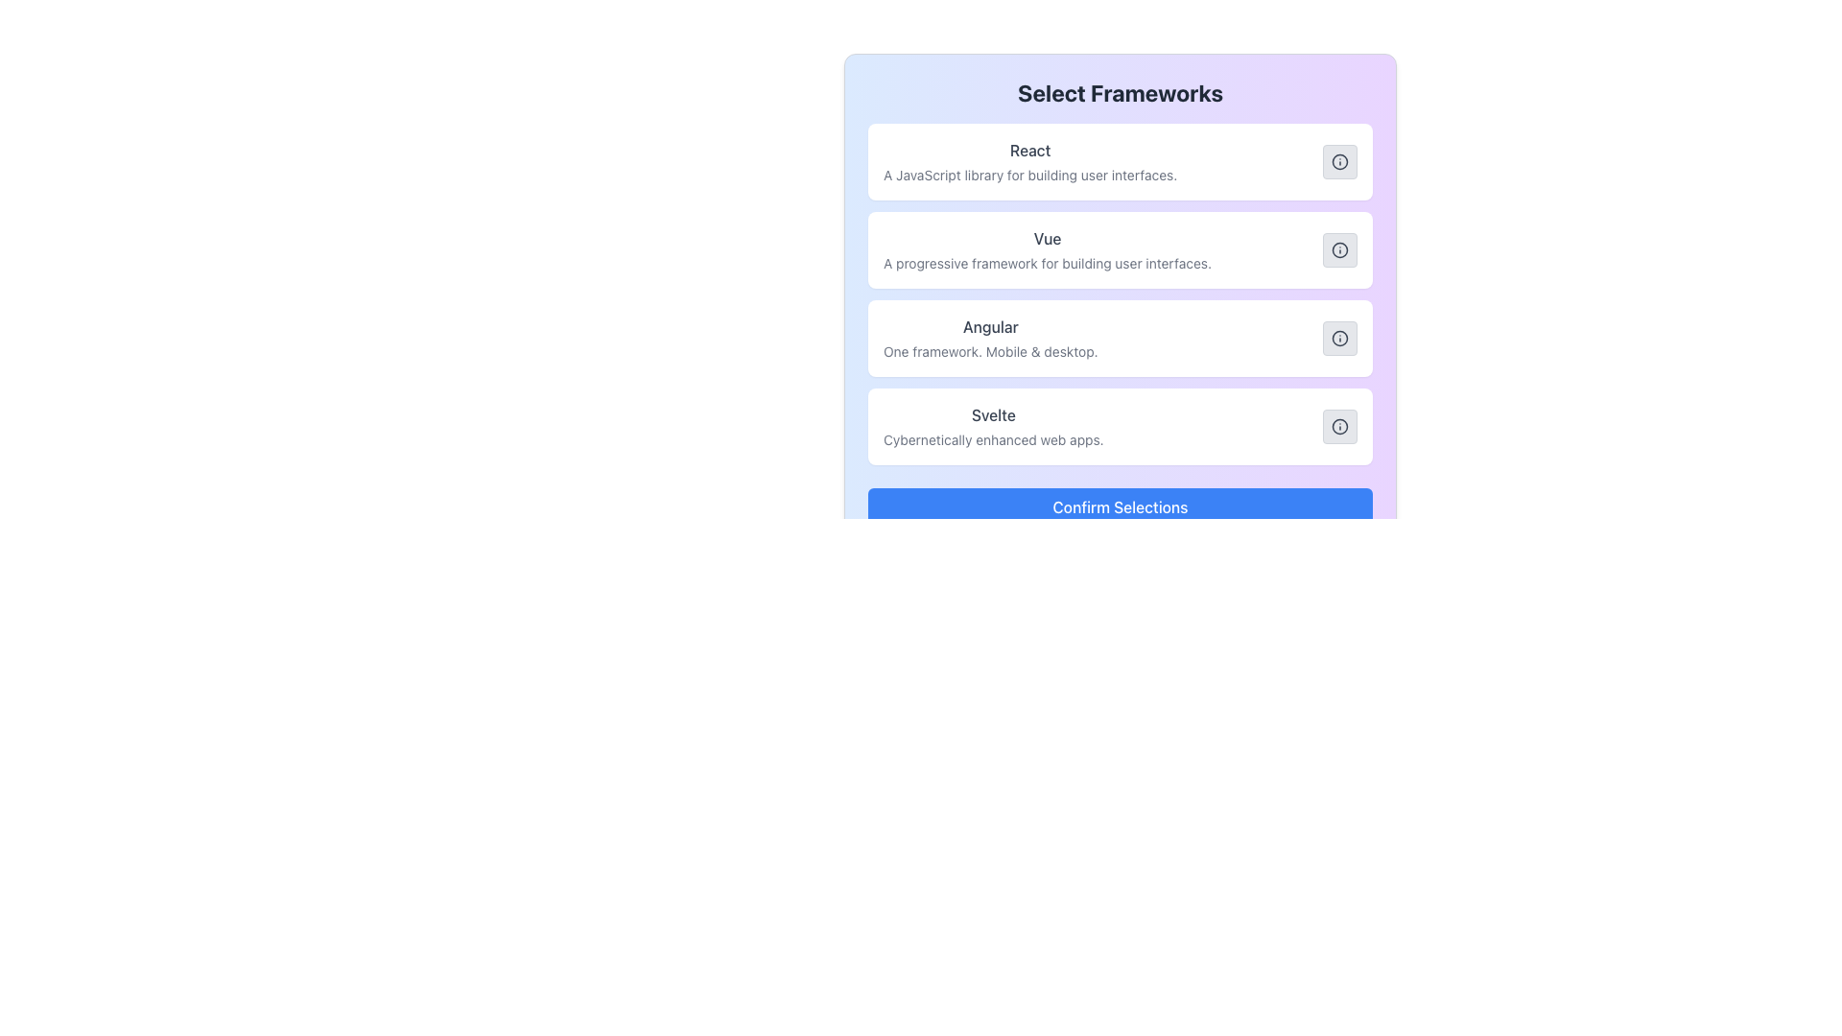 The height and width of the screenshot is (1036, 1842). I want to click on the circular Information icon located in the top-right corner of the 'React' option list entry, so click(1338, 161).